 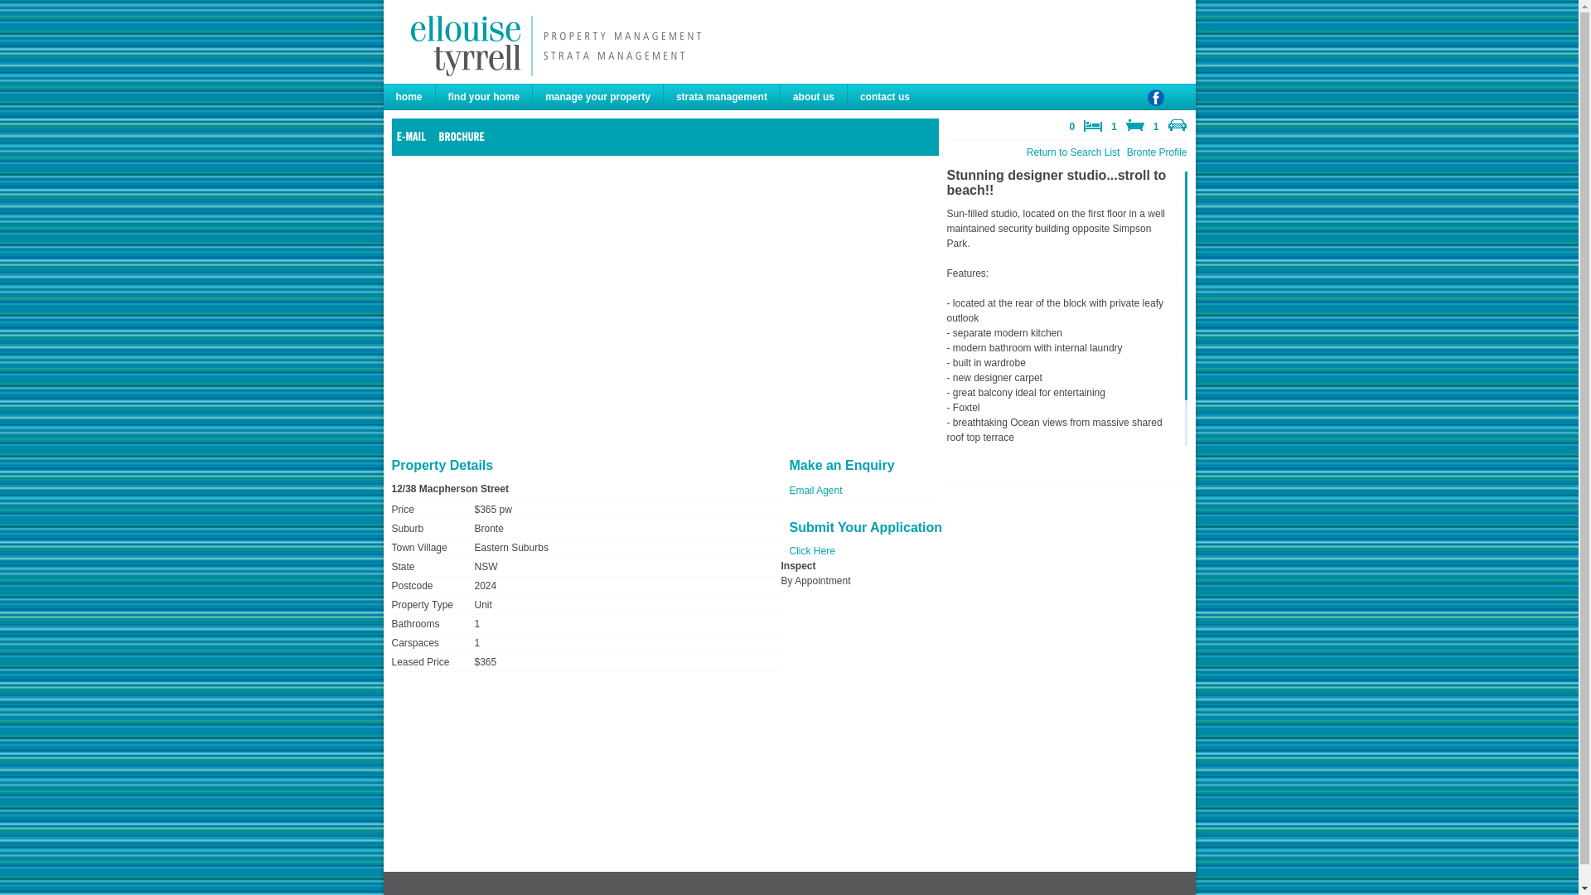 What do you see at coordinates (722, 96) in the screenshot?
I see `'strata management'` at bounding box center [722, 96].